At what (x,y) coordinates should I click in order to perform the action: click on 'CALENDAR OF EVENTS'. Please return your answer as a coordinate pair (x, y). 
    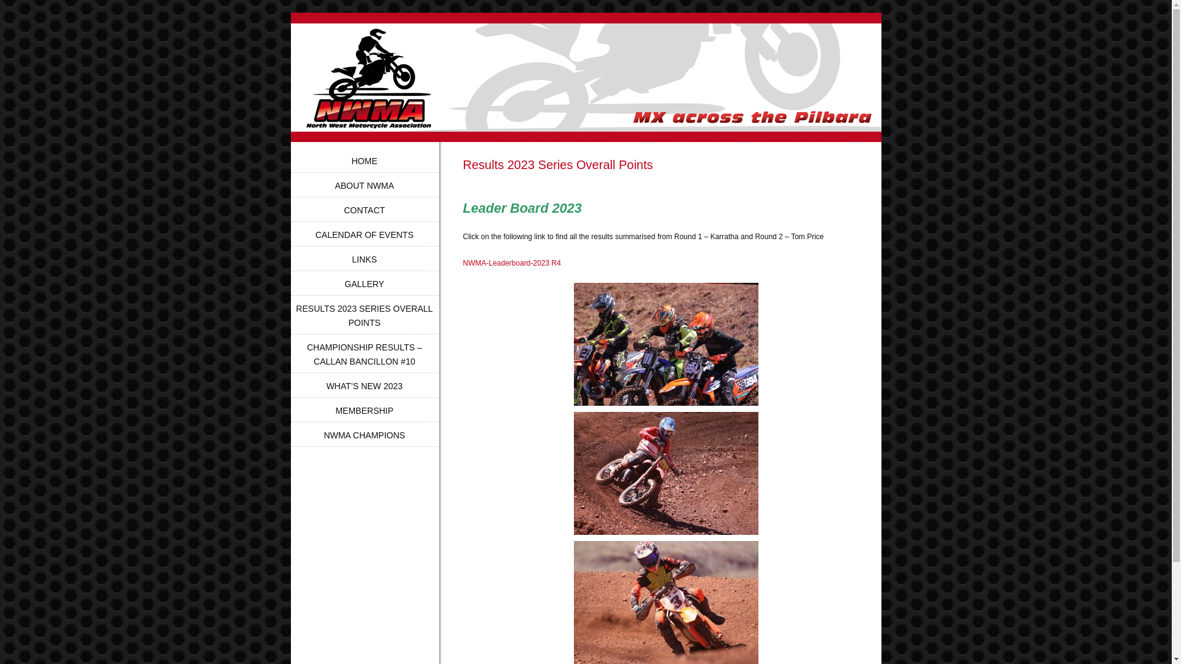
    Looking at the image, I should click on (316, 234).